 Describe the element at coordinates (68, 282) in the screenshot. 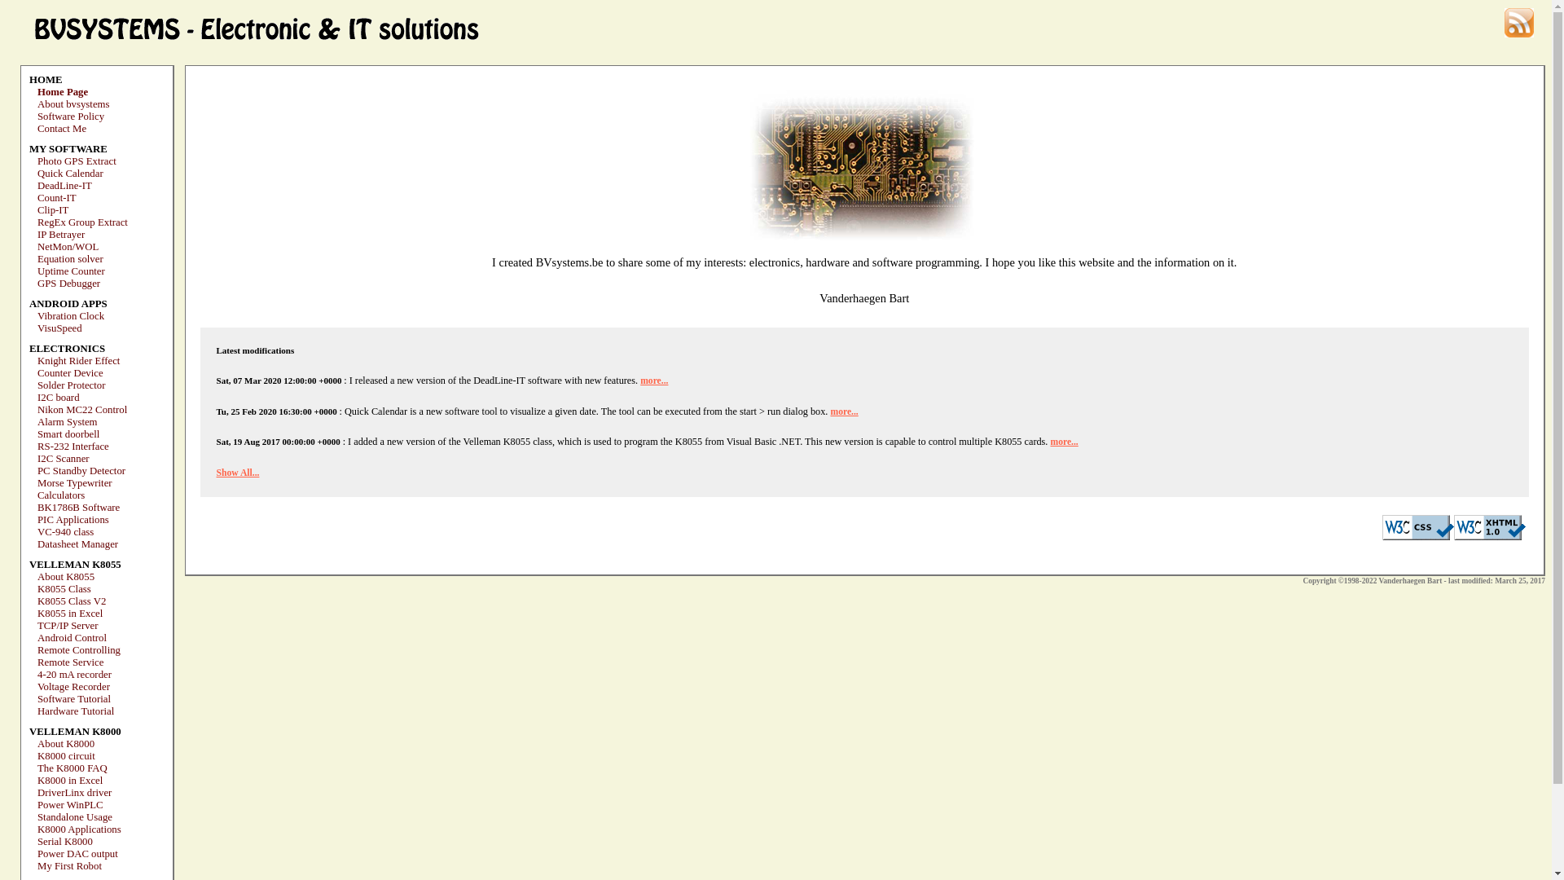

I see `'GPS Debugger'` at that location.